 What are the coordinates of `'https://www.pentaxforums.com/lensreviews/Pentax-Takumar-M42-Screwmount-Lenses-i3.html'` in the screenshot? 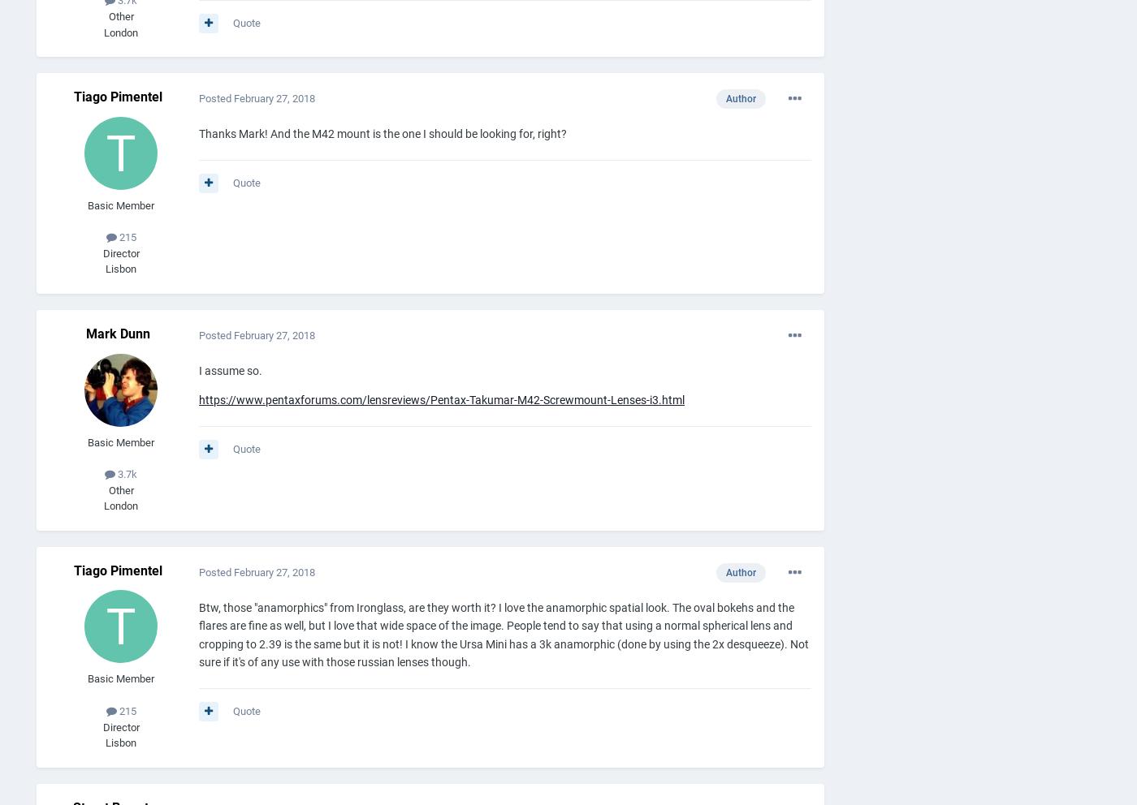 It's located at (442, 400).